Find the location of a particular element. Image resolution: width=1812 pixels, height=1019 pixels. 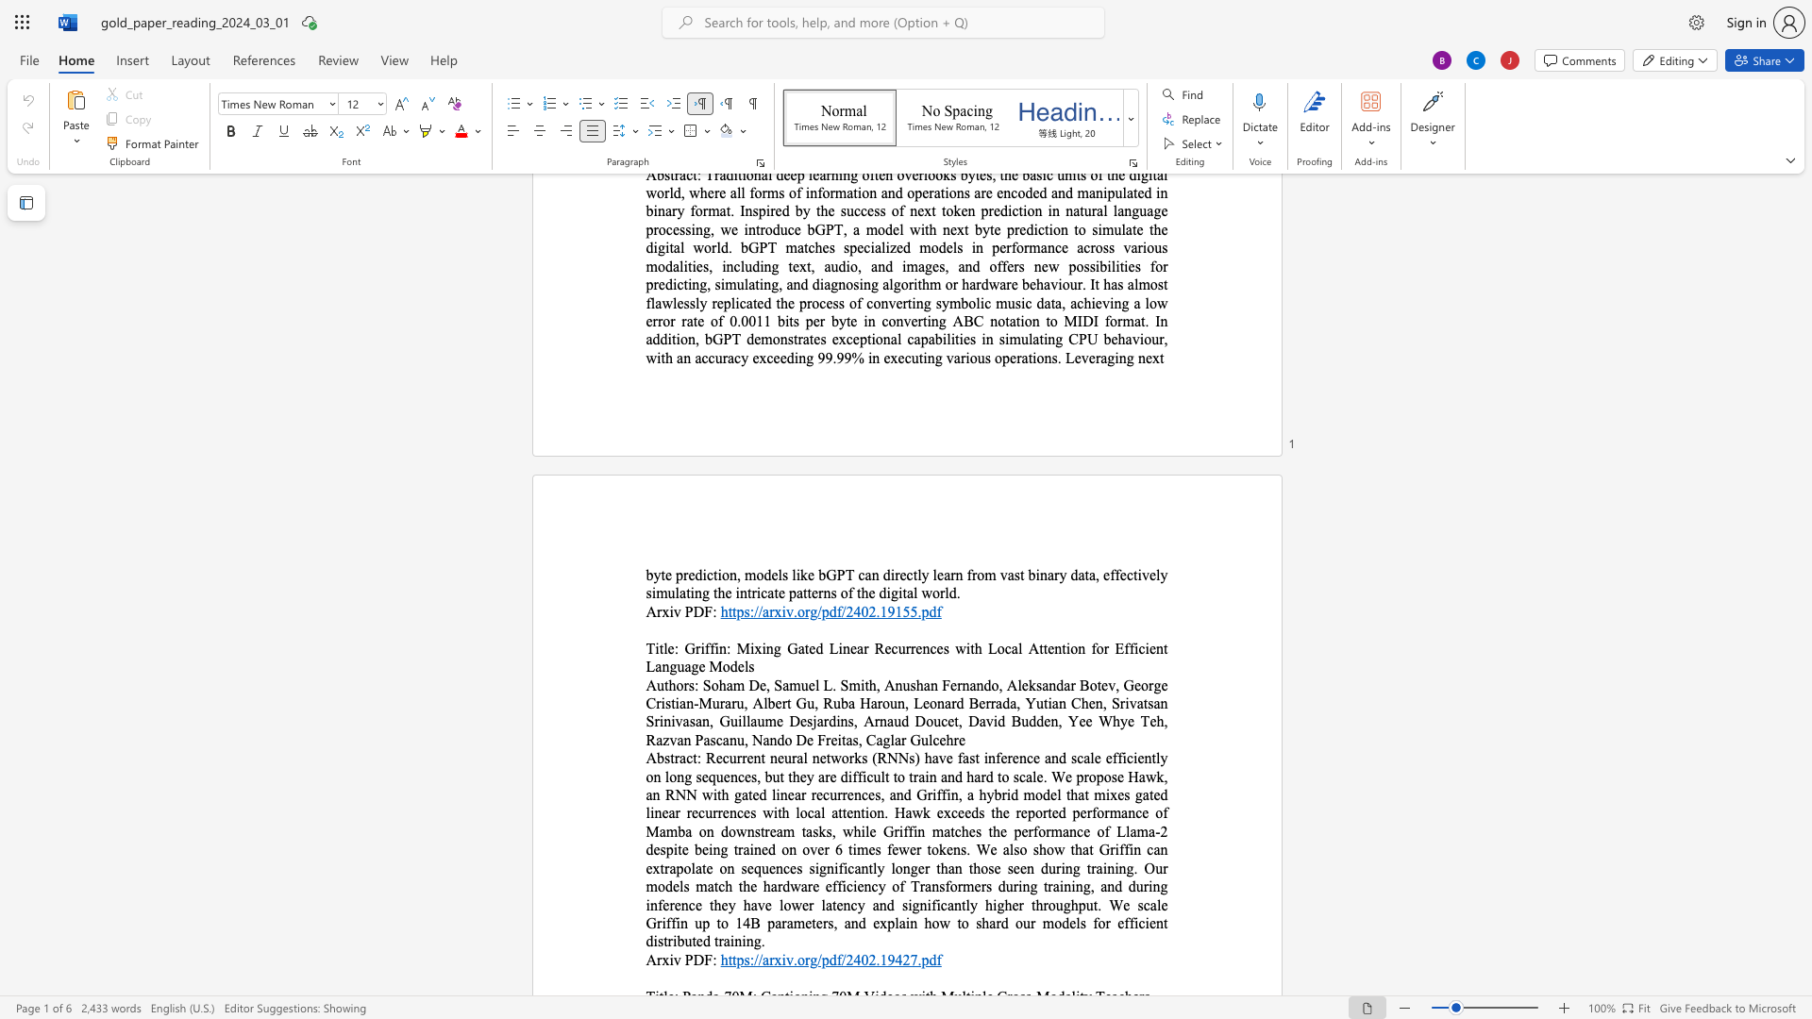

the 1th character "i" in the text is located at coordinates (671, 960).